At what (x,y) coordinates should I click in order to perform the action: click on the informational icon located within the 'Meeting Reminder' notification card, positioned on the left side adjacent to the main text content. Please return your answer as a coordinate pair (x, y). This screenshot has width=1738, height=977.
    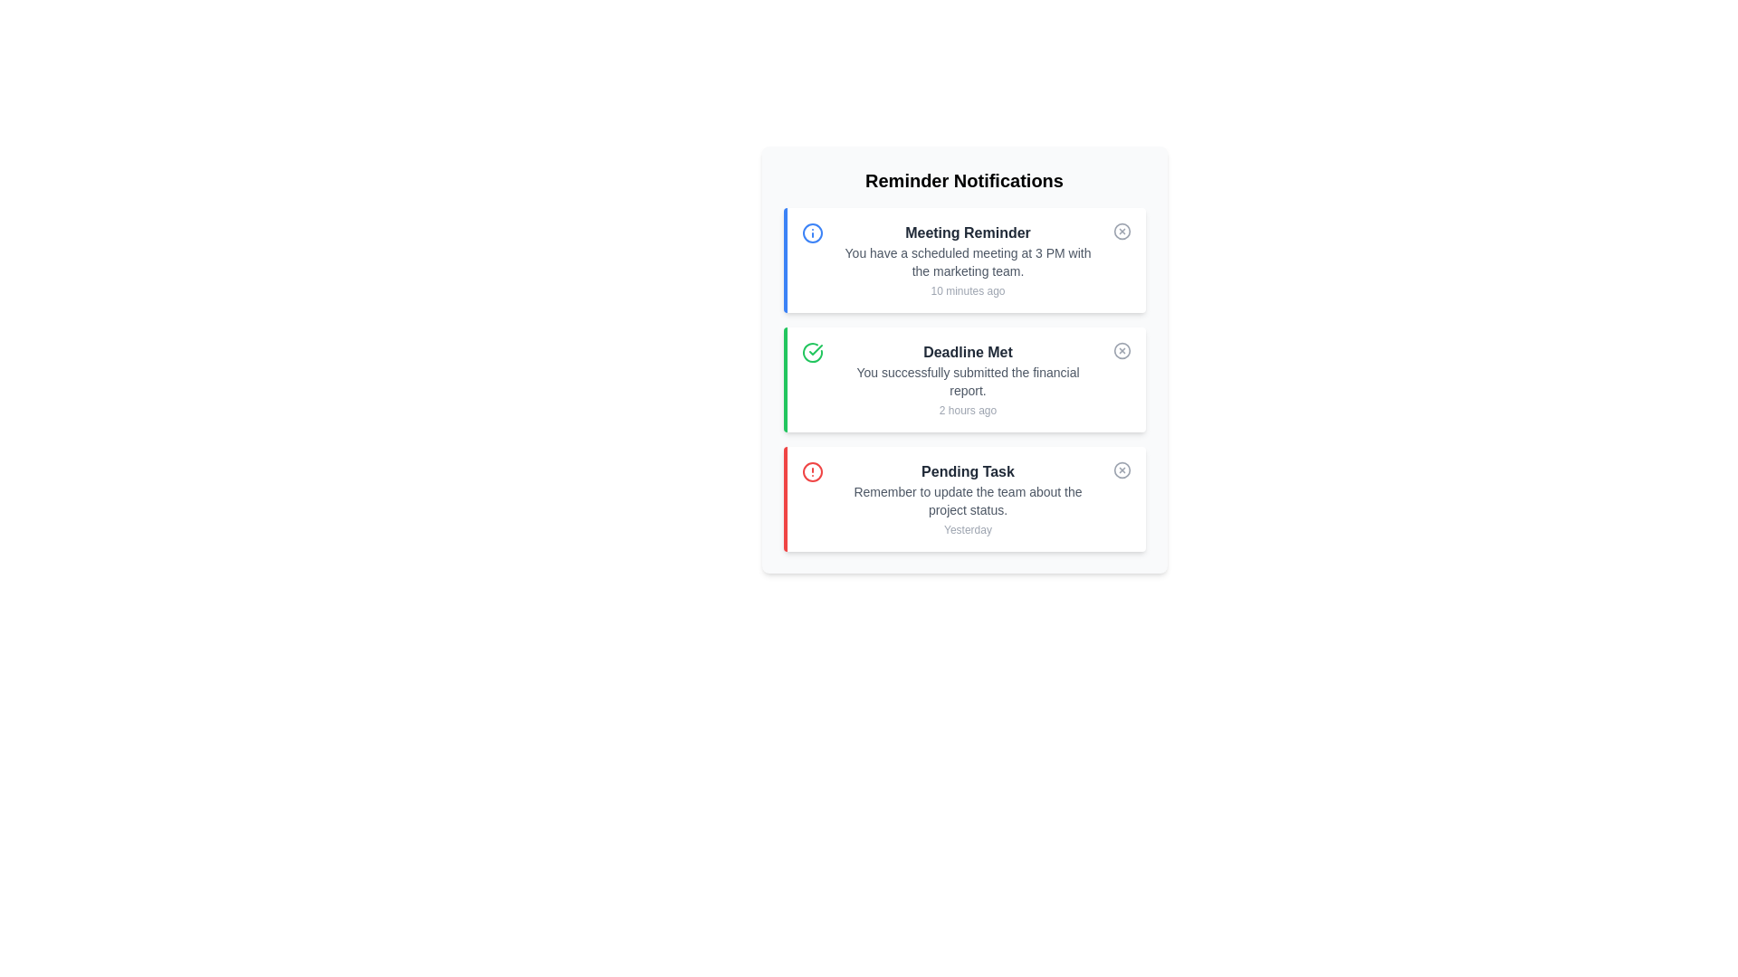
    Looking at the image, I should click on (811, 232).